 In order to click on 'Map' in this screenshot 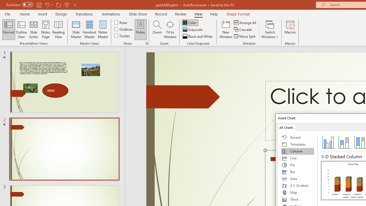, I will do `click(297, 192)`.